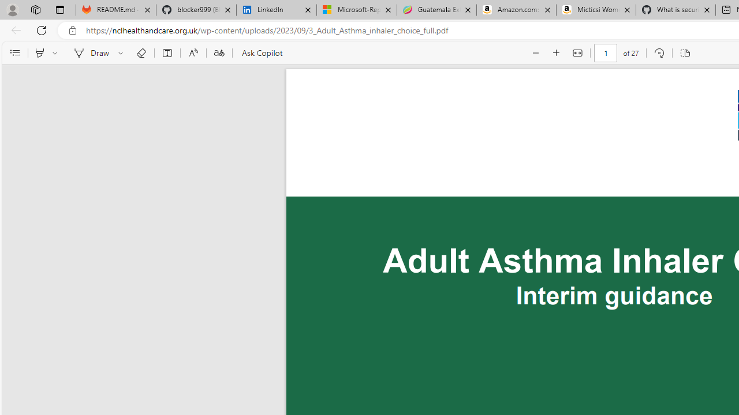 The width and height of the screenshot is (739, 415). I want to click on 'Select ink properties', so click(122, 53).